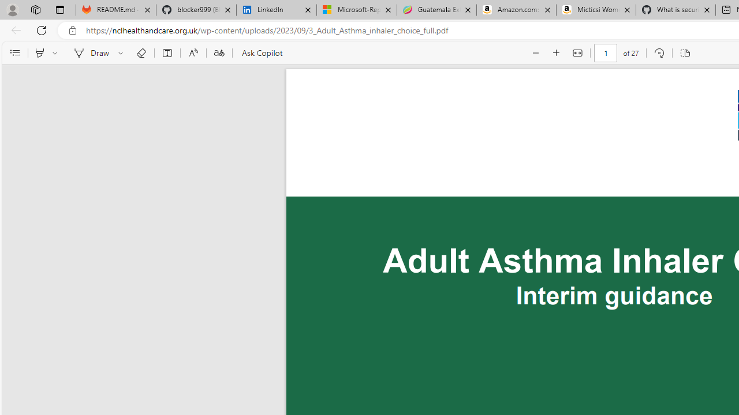 The width and height of the screenshot is (739, 415). I want to click on 'Select ink properties', so click(122, 53).